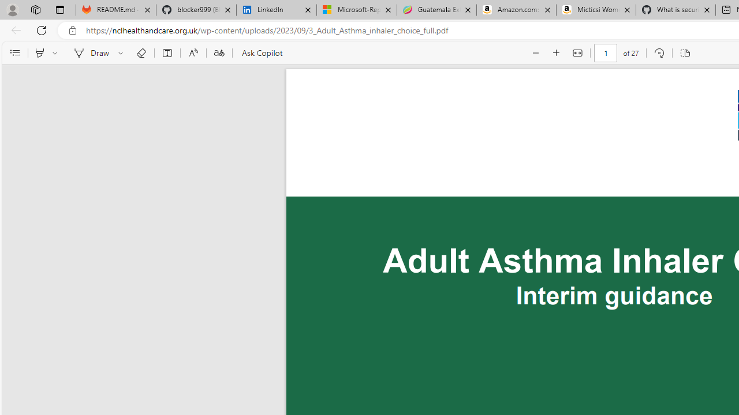 The width and height of the screenshot is (739, 415). I want to click on 'Select ink properties', so click(122, 53).